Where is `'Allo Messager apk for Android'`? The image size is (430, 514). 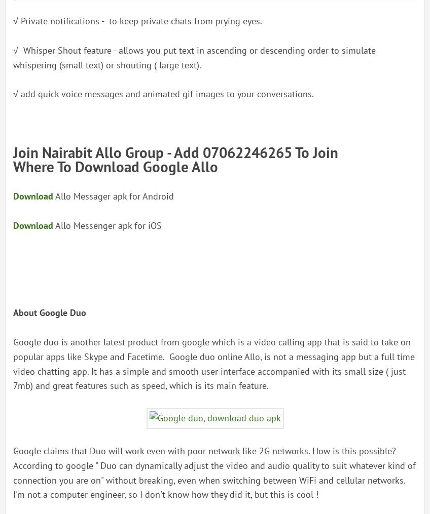 'Allo Messager apk for Android' is located at coordinates (113, 195).